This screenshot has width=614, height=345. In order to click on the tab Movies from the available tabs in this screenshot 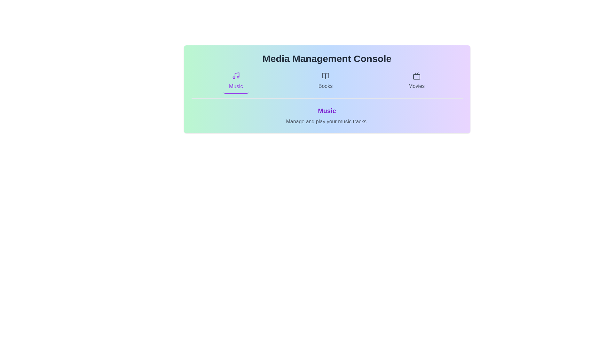, I will do `click(416, 81)`.